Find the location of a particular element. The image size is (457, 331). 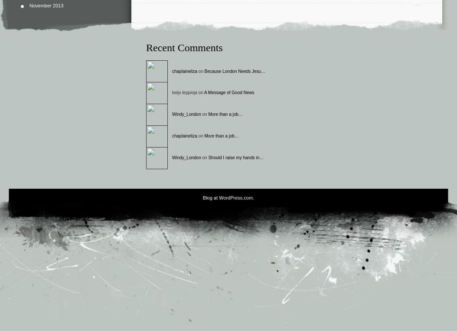

'Because London Needs Jesu…' is located at coordinates (235, 70).